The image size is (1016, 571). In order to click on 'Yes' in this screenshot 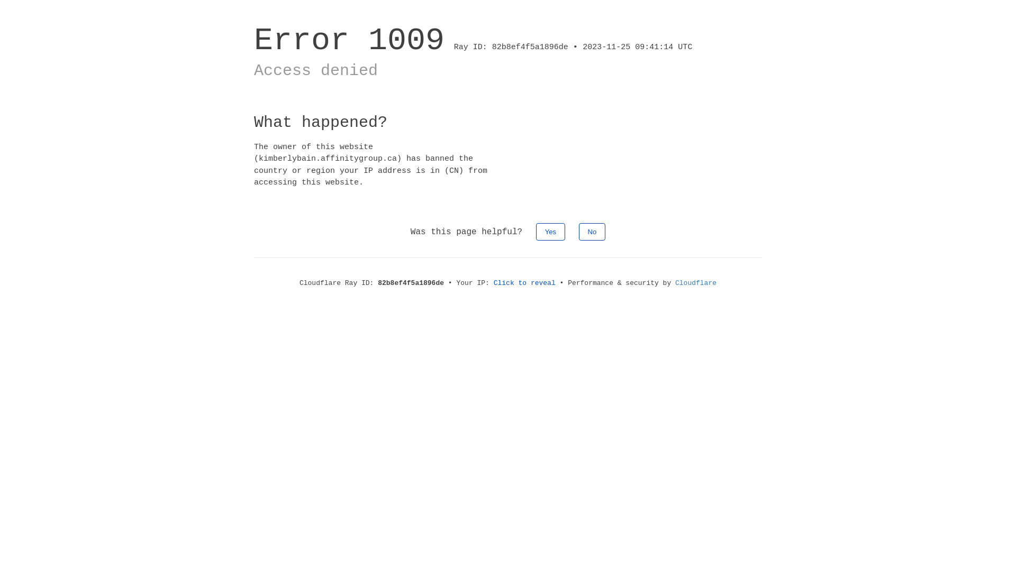, I will do `click(550, 231)`.